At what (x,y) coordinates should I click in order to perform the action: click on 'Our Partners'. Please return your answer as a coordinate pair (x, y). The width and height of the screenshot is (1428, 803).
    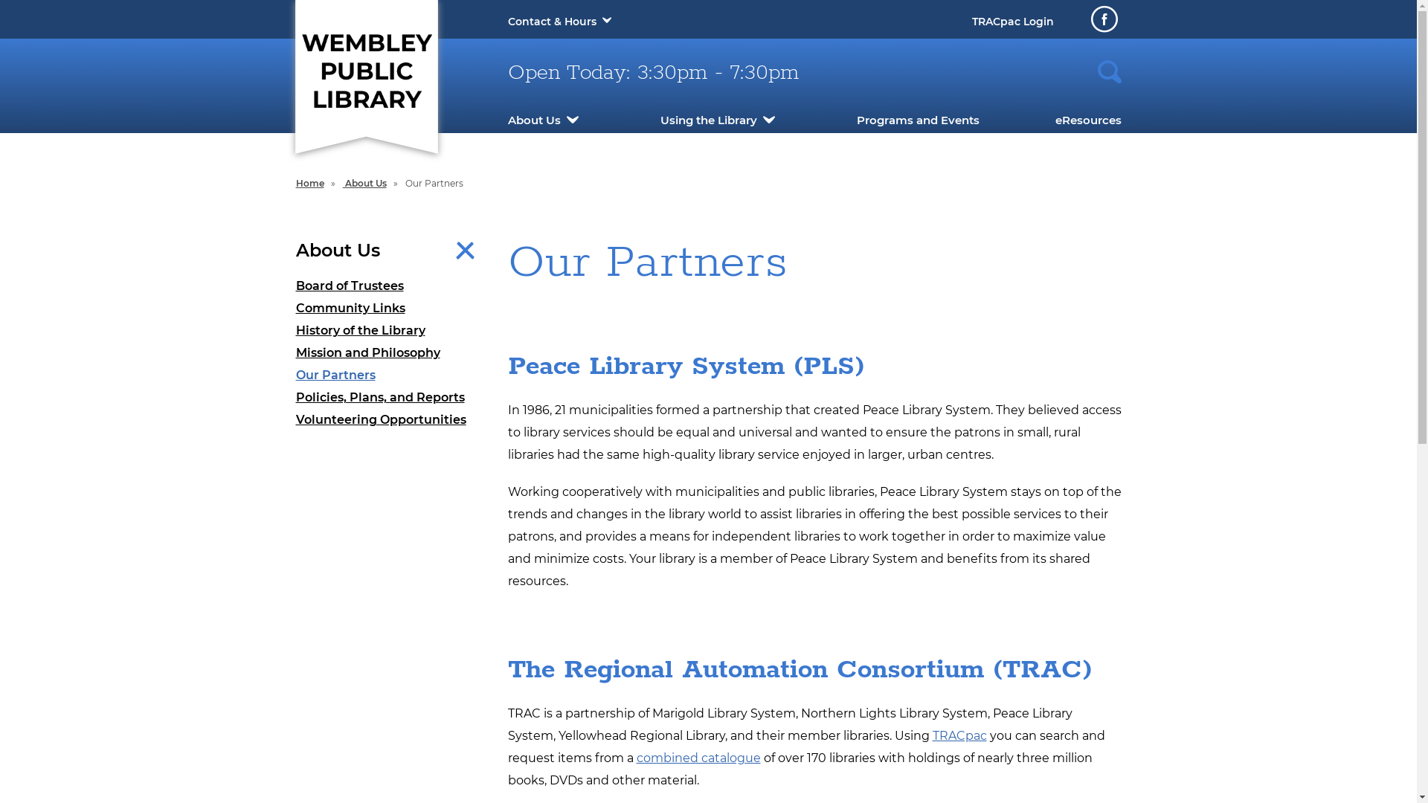
    Looking at the image, I should click on (296, 375).